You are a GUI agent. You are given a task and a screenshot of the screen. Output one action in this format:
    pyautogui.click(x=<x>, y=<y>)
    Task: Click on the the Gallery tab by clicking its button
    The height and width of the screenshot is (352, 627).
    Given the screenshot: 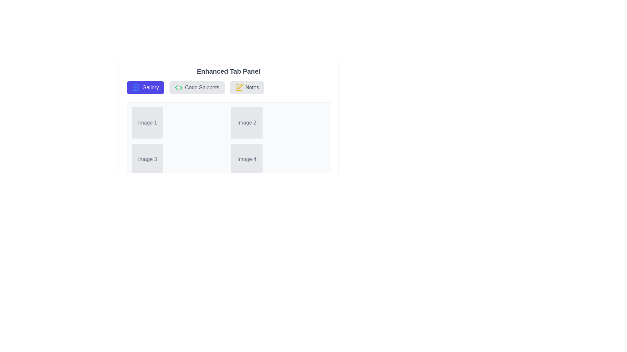 What is the action you would take?
    pyautogui.click(x=145, y=87)
    